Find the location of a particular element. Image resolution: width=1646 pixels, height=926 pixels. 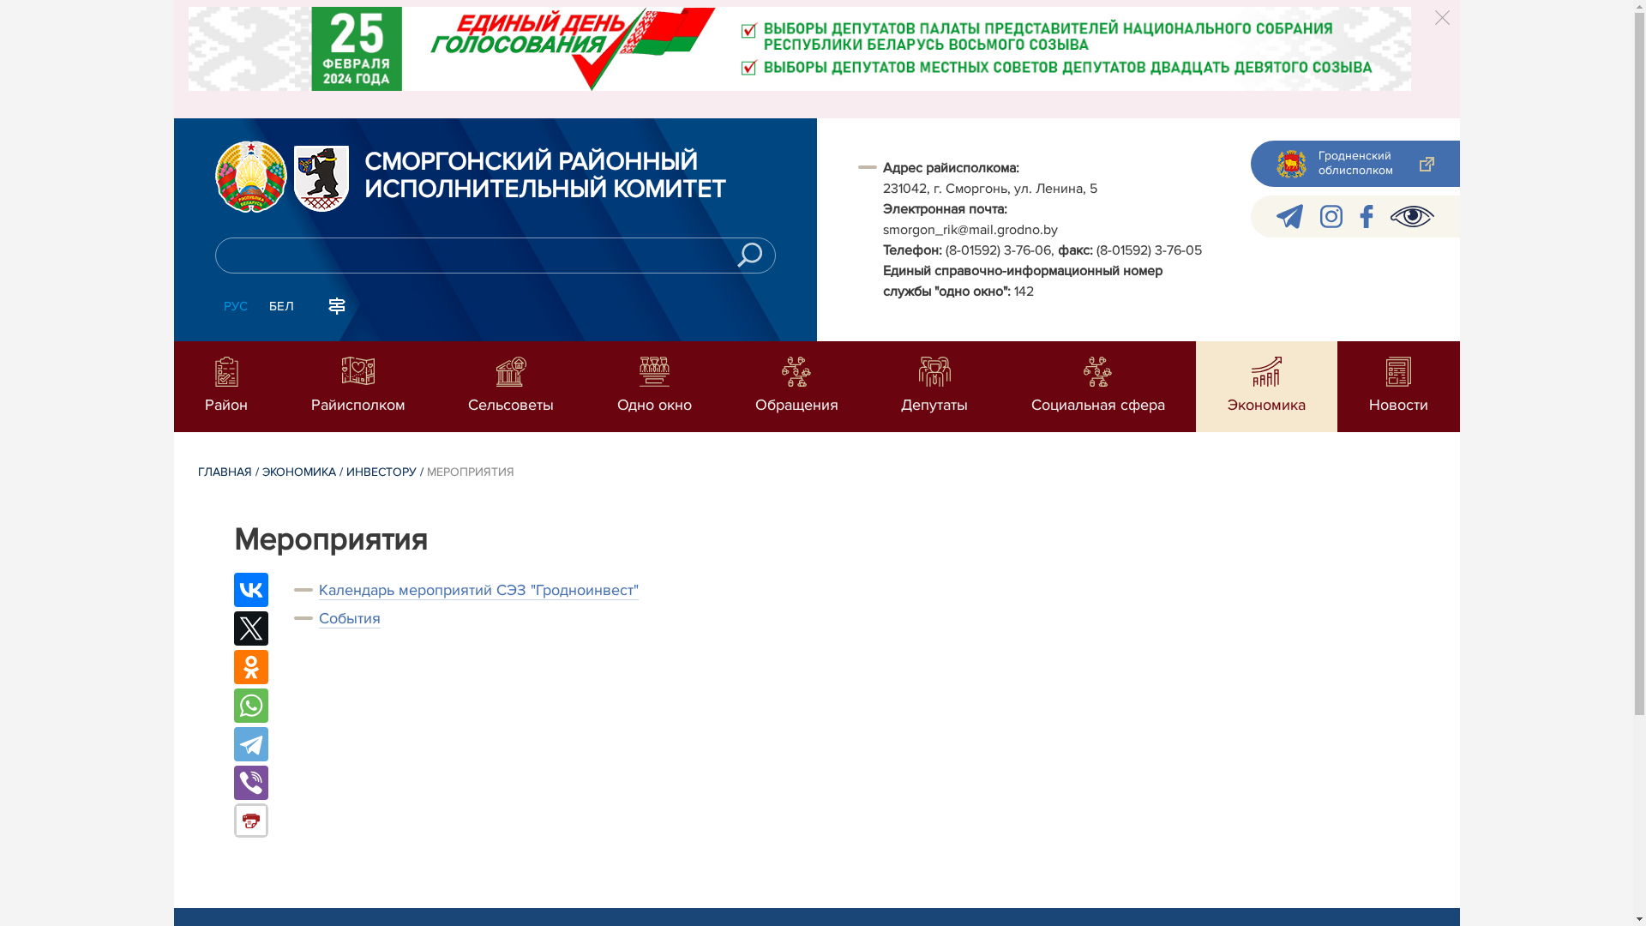

'telegram' is located at coordinates (1289, 215).